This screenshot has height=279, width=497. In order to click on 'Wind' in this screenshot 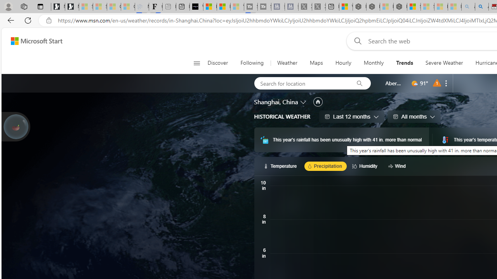, I will do `click(398, 165)`.